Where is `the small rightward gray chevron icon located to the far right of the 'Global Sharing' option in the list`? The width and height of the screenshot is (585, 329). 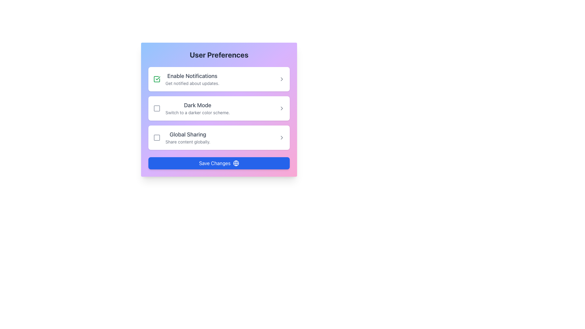
the small rightward gray chevron icon located to the far right of the 'Global Sharing' option in the list is located at coordinates (282, 137).